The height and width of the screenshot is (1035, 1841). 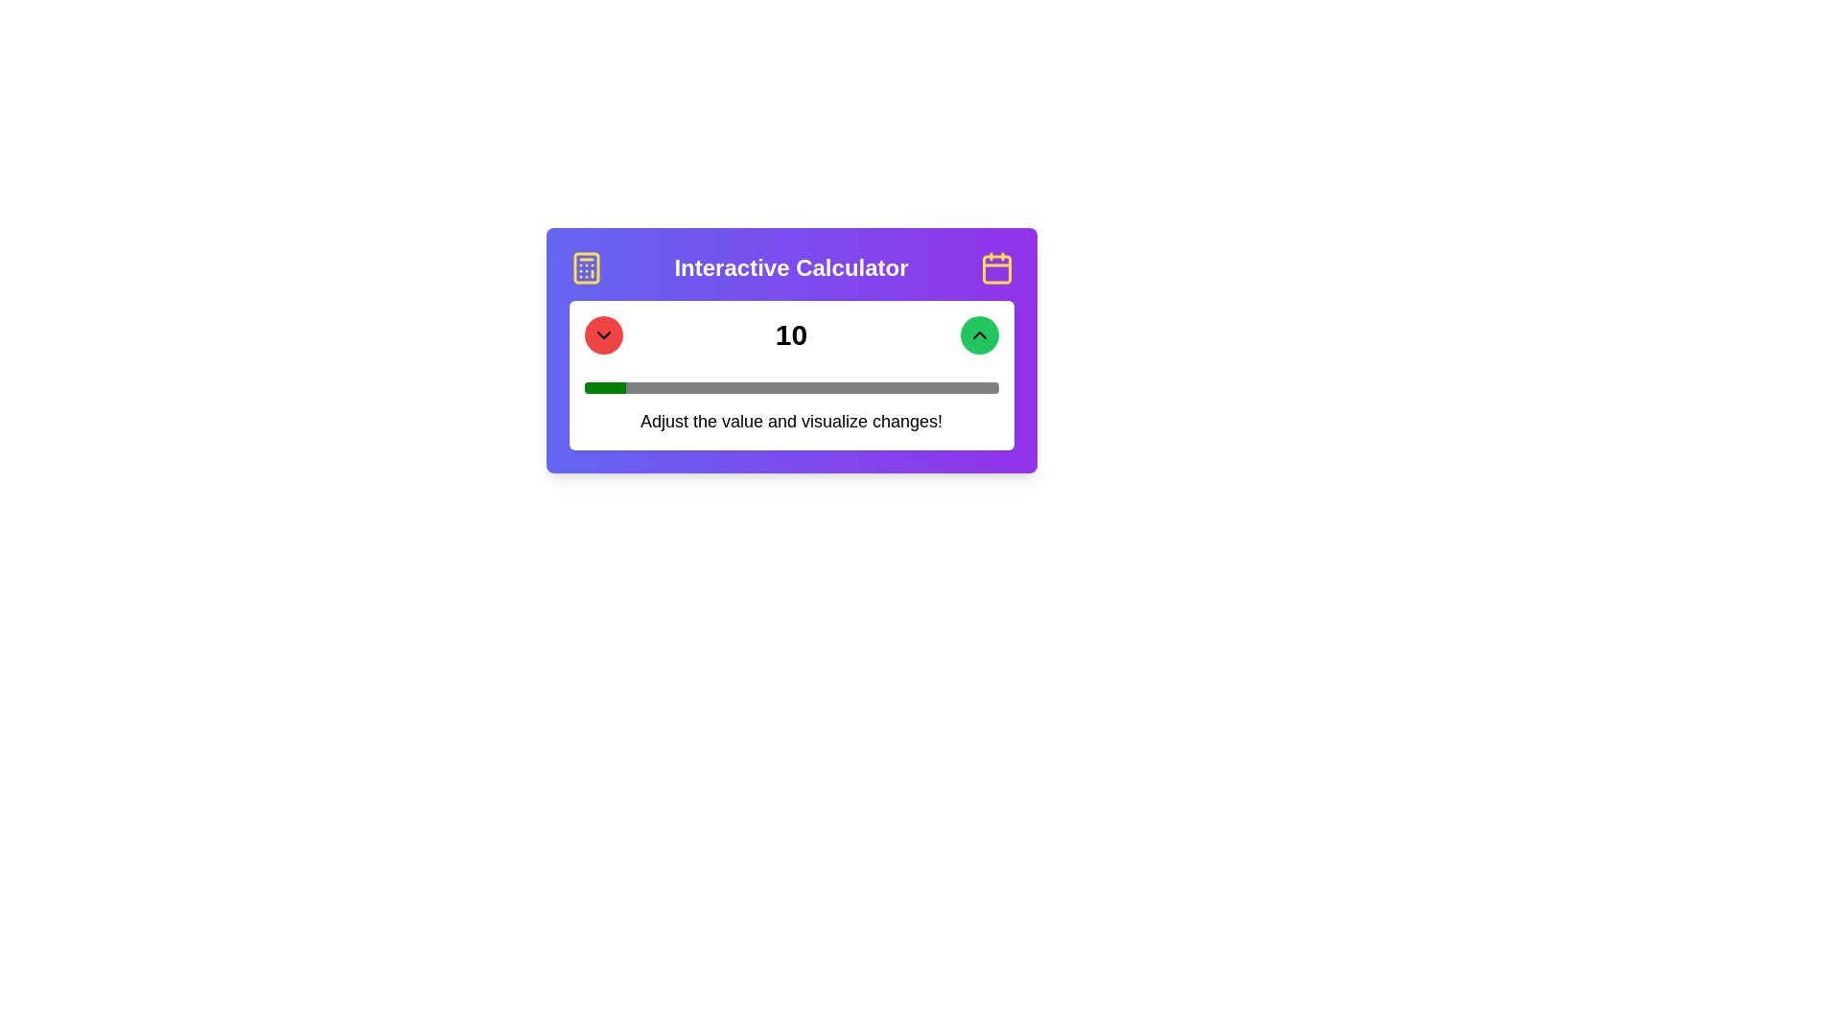 What do you see at coordinates (684, 388) in the screenshot?
I see `the slider value` at bounding box center [684, 388].